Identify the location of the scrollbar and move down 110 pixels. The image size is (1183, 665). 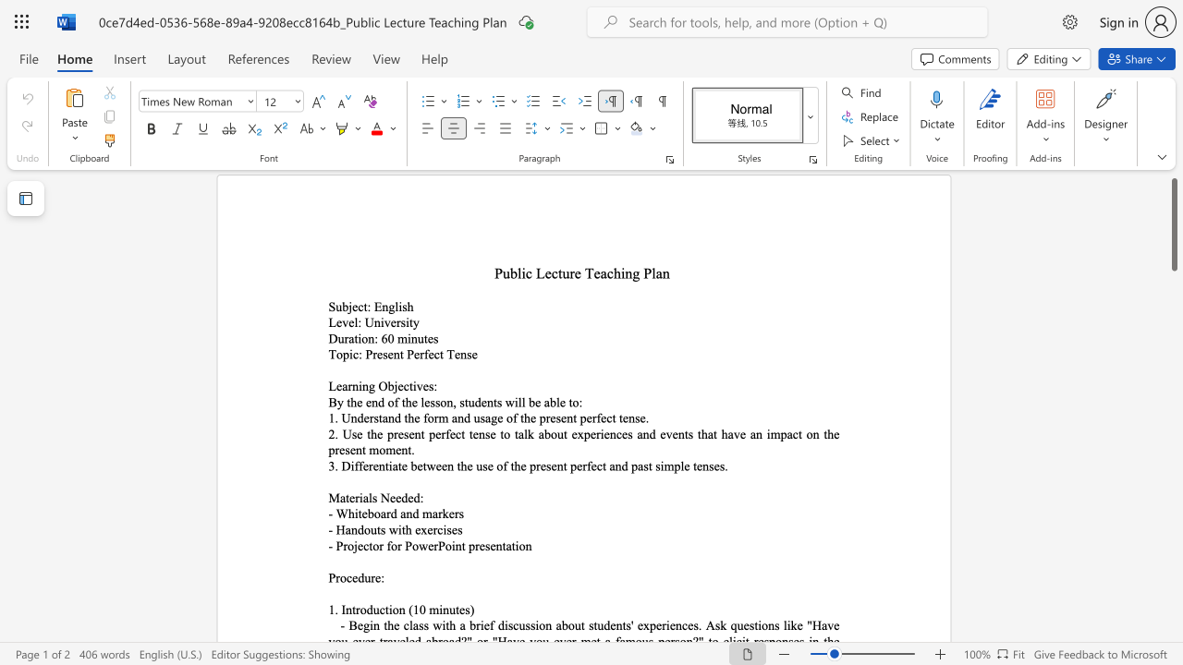
(1173, 224).